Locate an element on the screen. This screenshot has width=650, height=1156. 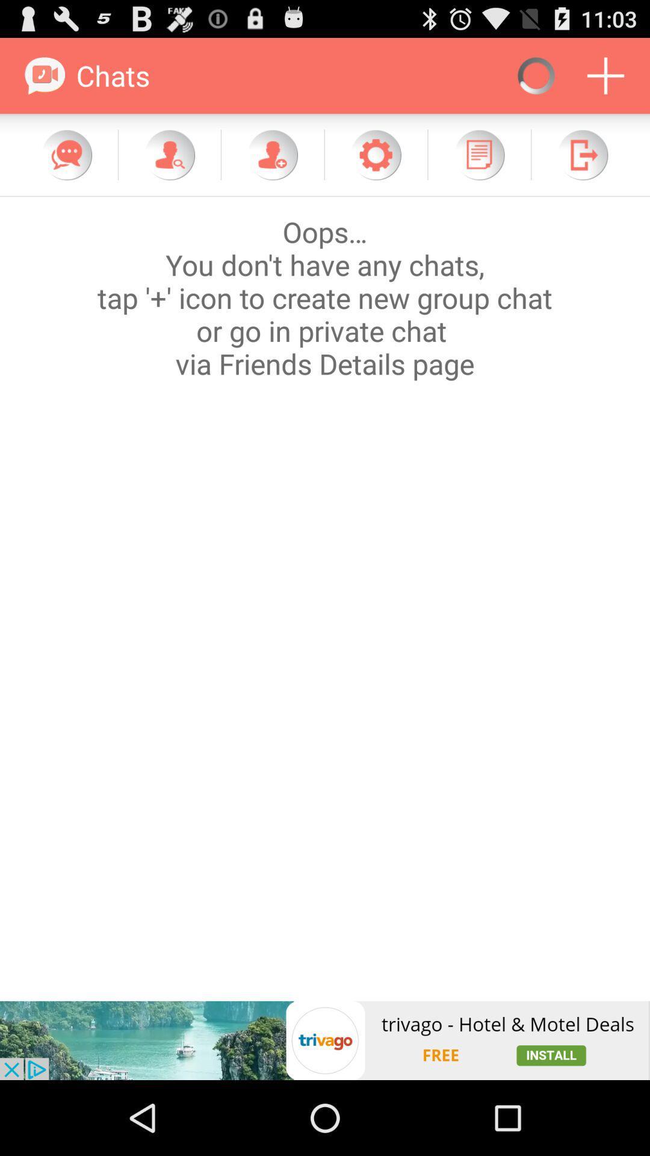
chat is located at coordinates (67, 154).